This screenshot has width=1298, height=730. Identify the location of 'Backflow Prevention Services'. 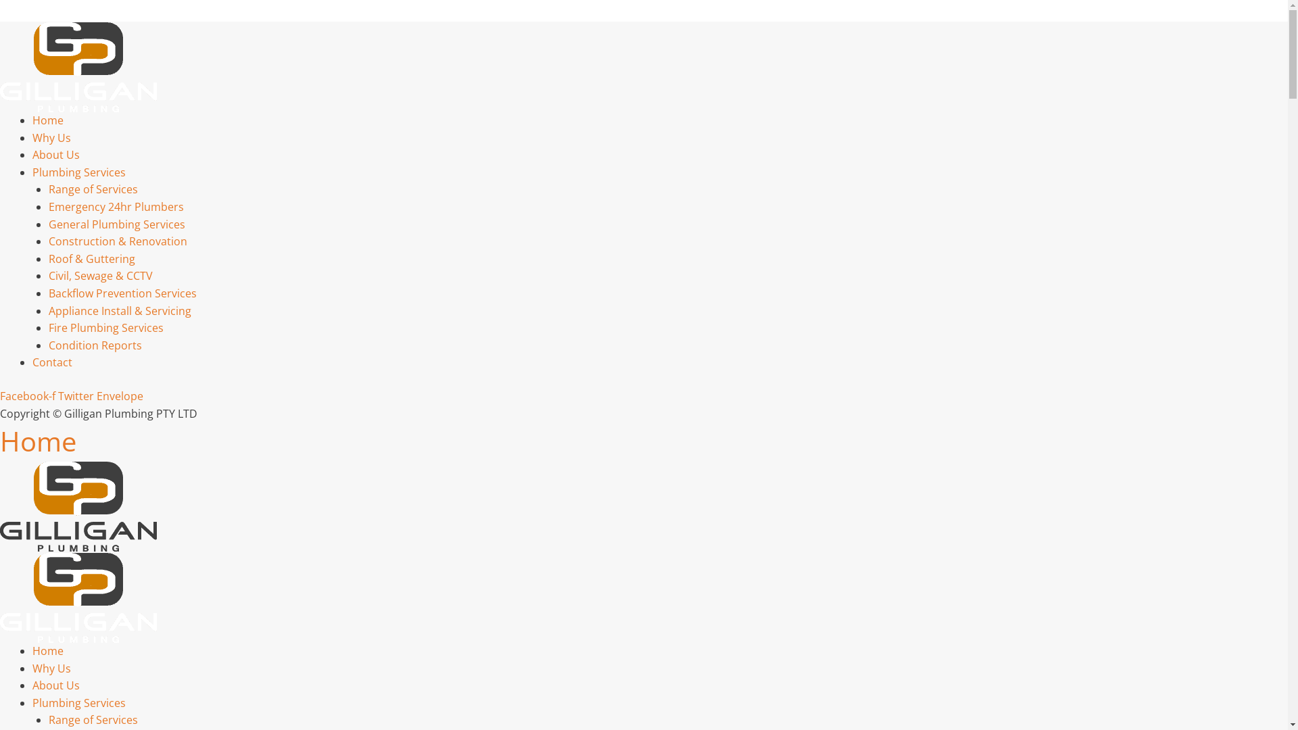
(122, 293).